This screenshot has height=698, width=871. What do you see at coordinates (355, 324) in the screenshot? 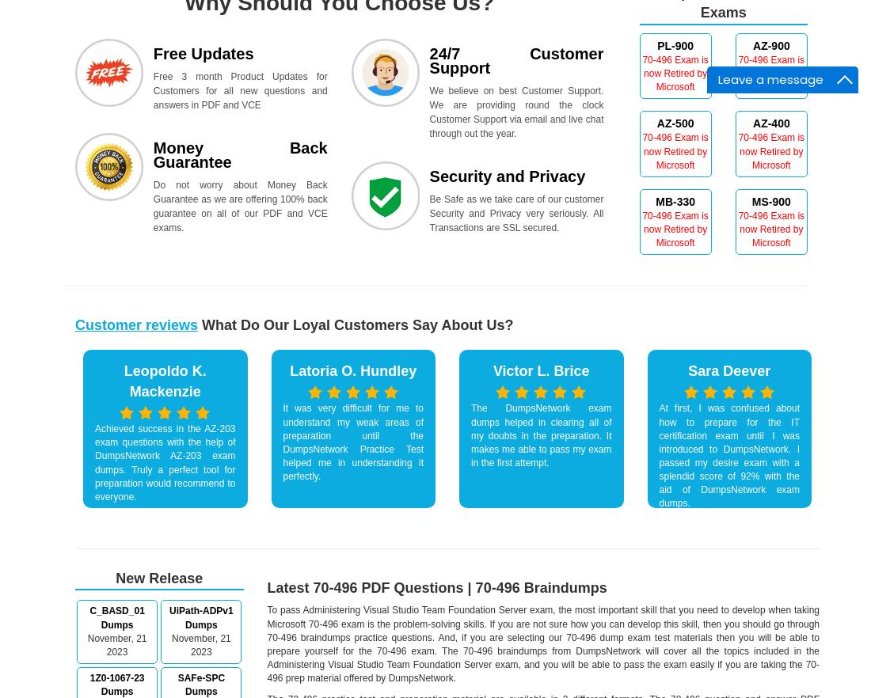
I see `'What Do Our Loyal Customers Say About Us?'` at bounding box center [355, 324].